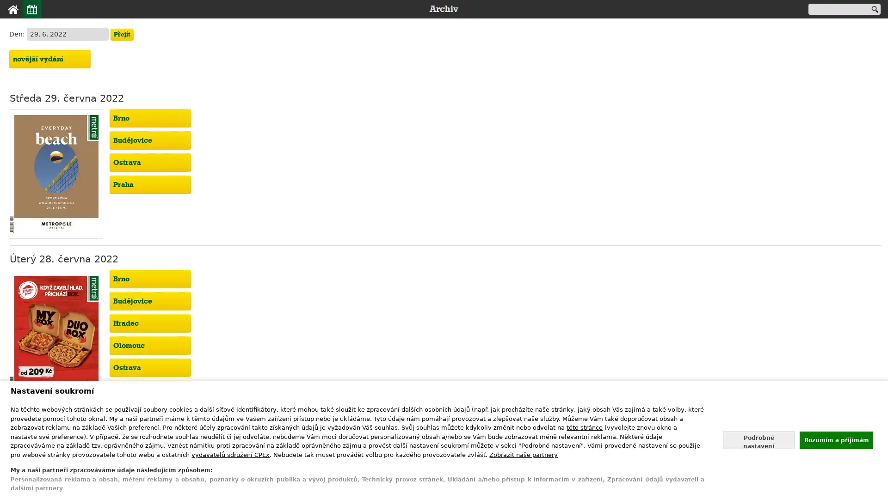 This screenshot has width=888, height=499. I want to click on Nastavte sve souhlasy, so click(758, 439).